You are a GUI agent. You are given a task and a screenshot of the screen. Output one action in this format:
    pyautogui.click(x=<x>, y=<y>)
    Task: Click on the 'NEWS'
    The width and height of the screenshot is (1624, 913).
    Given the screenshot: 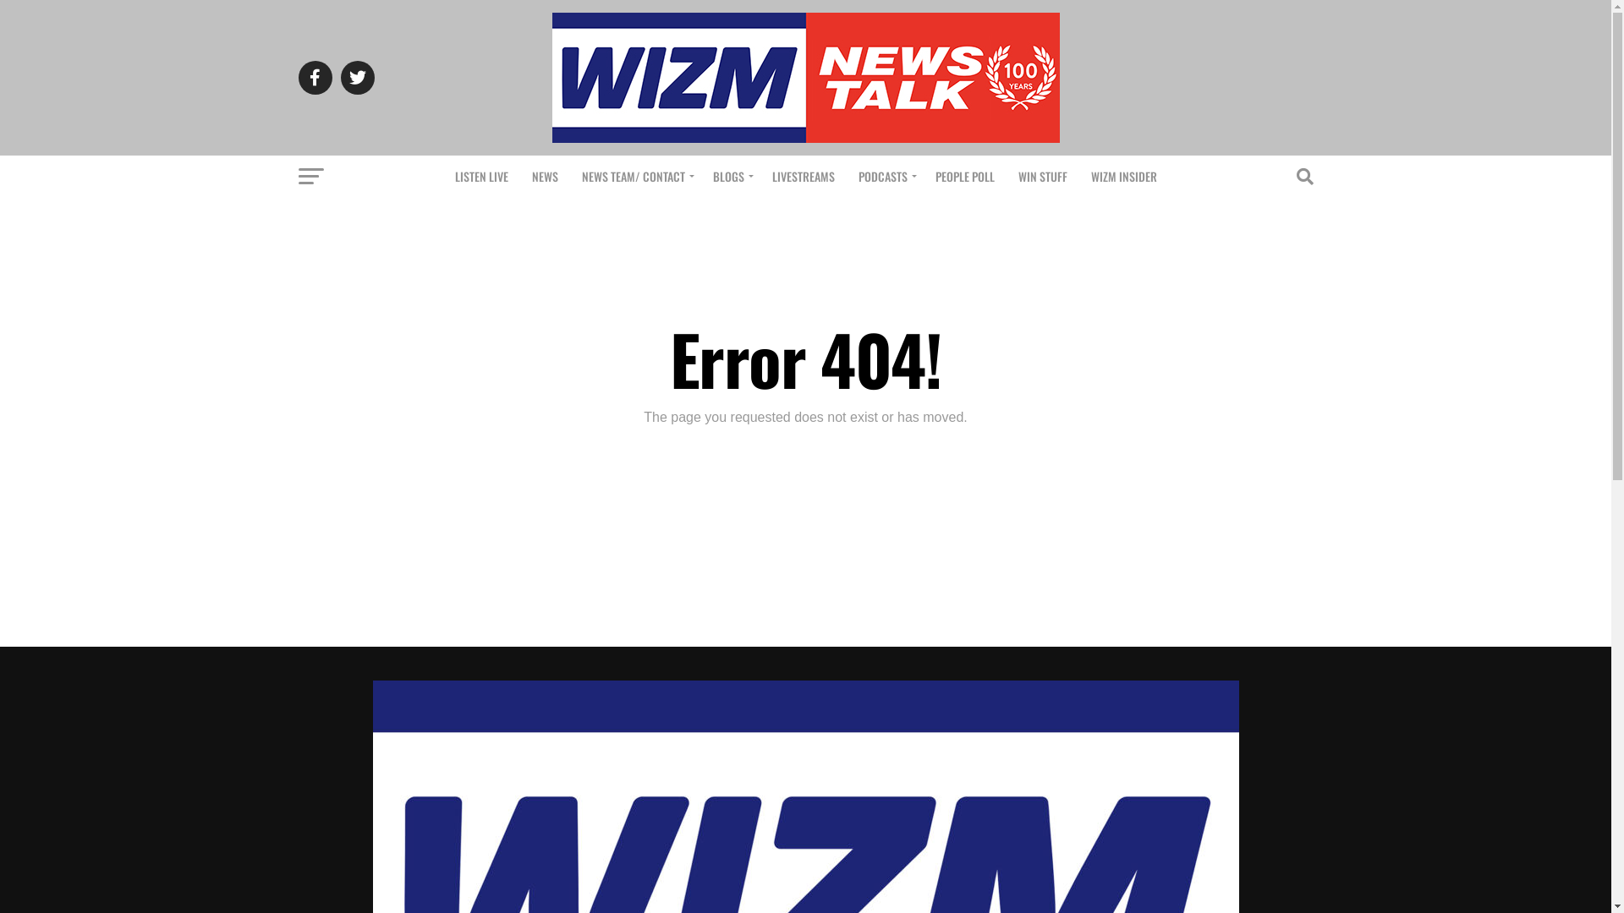 What is the action you would take?
    pyautogui.click(x=519, y=176)
    